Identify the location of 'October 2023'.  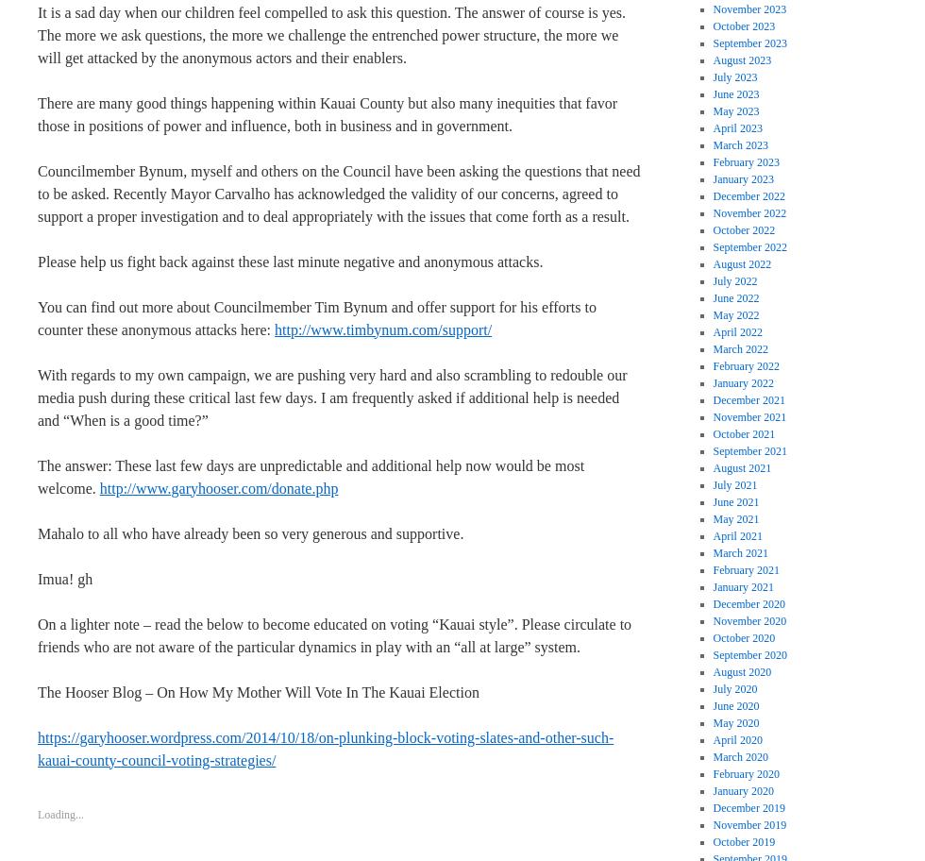
(712, 25).